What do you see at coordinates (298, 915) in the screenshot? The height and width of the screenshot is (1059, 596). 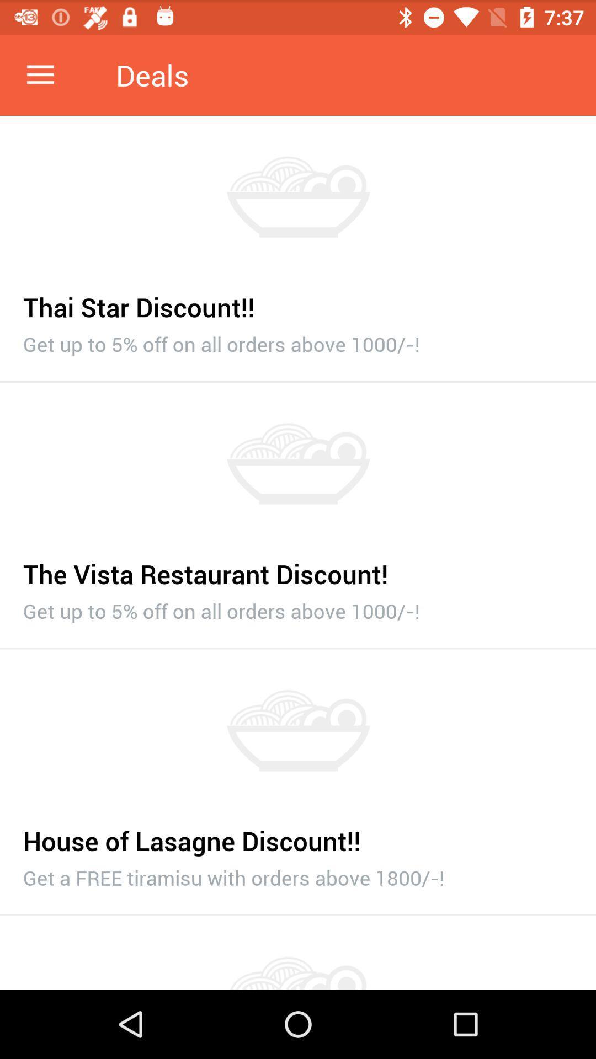 I see `item below the get a free item` at bounding box center [298, 915].